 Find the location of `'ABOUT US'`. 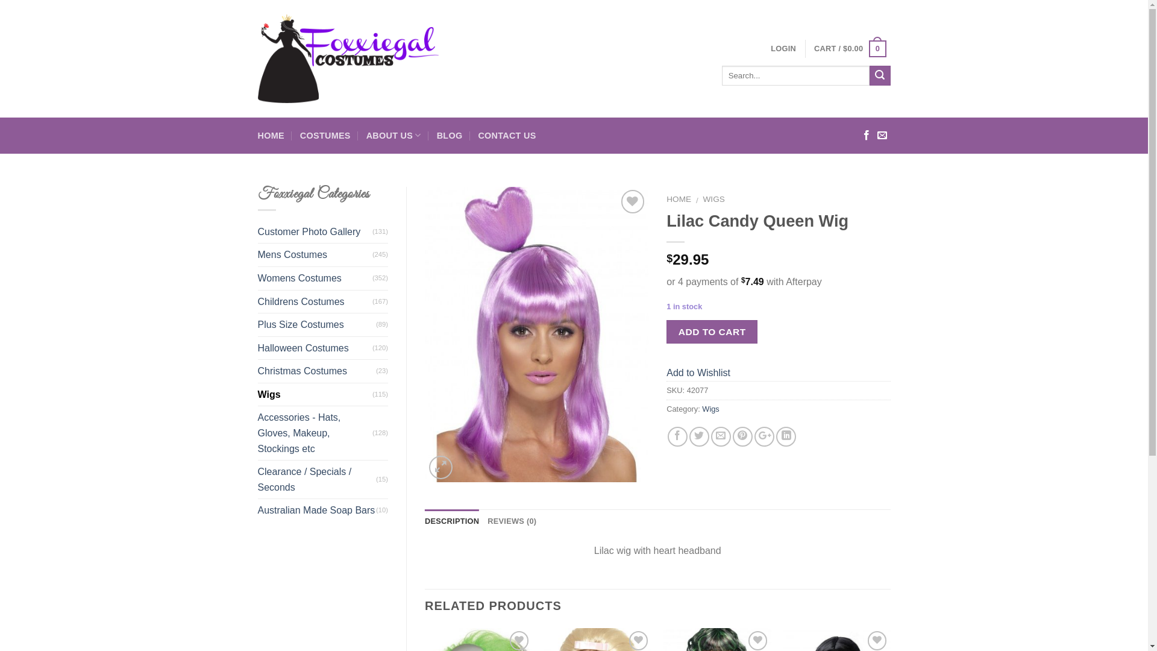

'ABOUT US' is located at coordinates (366, 135).